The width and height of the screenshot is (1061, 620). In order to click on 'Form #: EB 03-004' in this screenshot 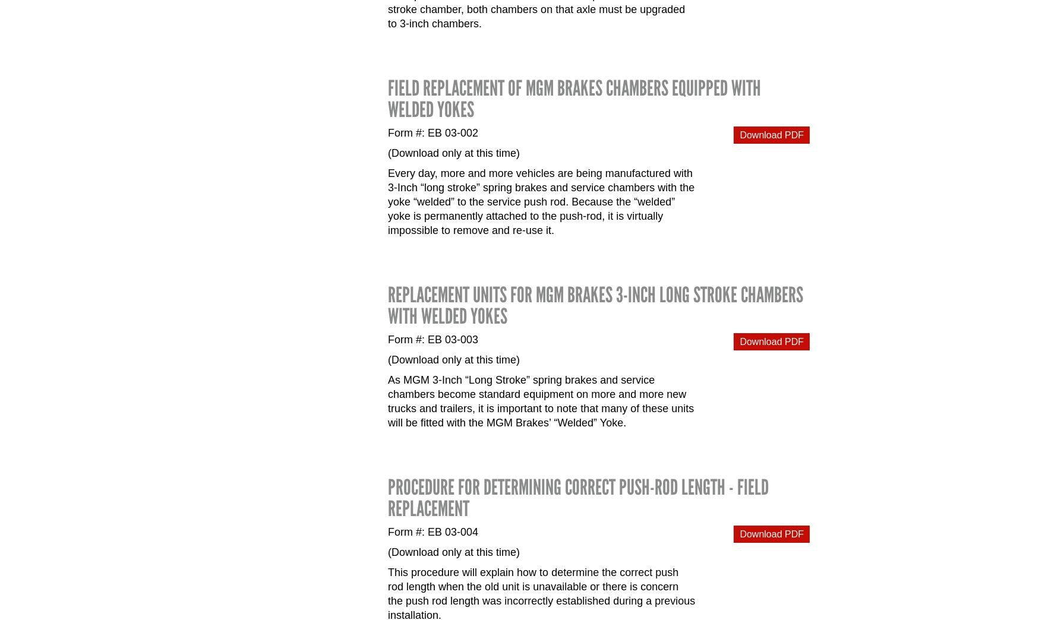, I will do `click(433, 532)`.